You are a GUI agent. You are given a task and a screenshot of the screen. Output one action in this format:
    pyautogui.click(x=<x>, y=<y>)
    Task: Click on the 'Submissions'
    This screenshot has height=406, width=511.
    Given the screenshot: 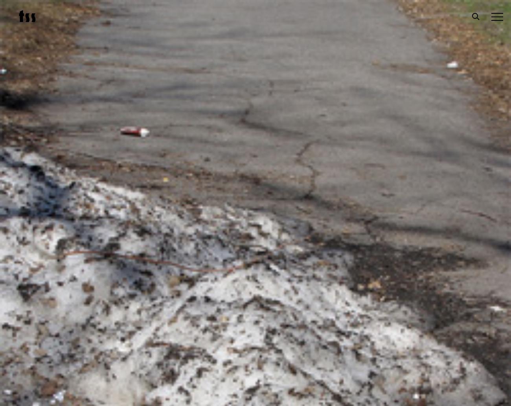 What is the action you would take?
    pyautogui.click(x=70, y=240)
    